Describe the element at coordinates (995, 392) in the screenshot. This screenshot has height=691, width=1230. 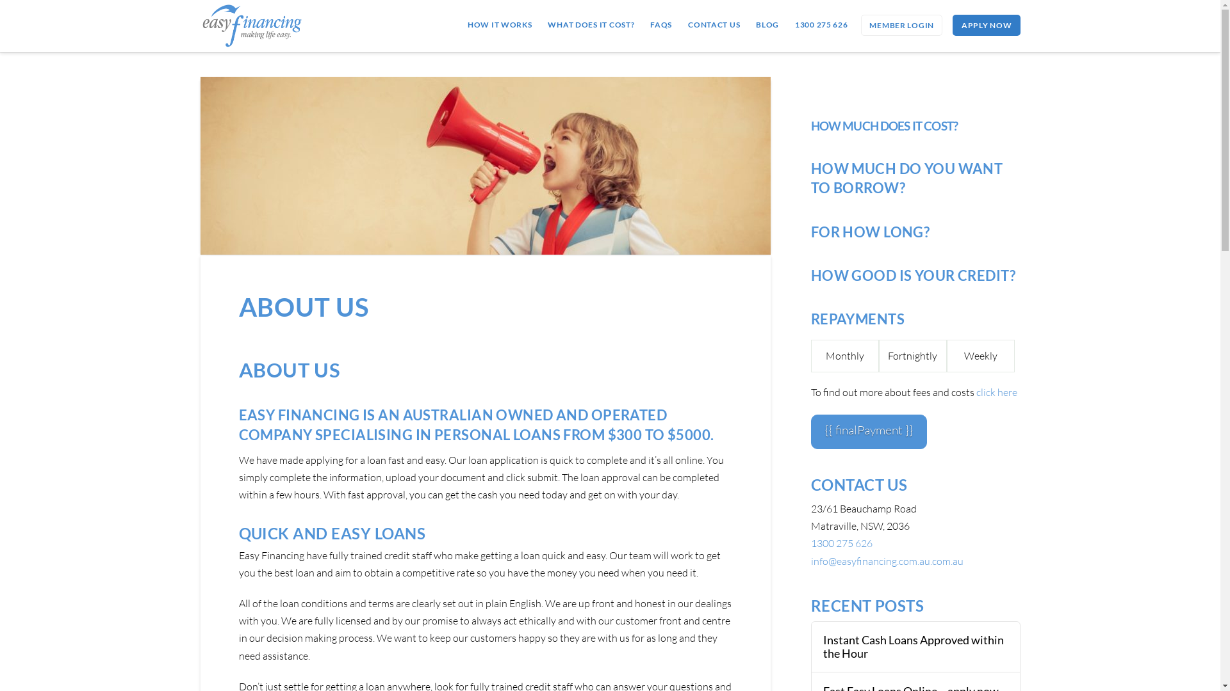
I see `'click here'` at that location.